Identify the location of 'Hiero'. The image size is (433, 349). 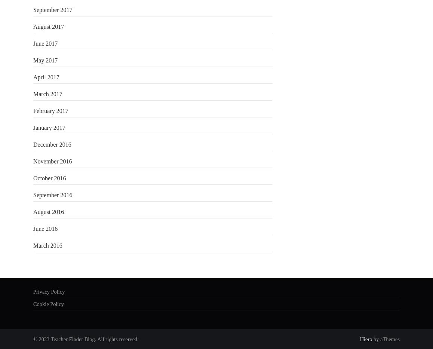
(365, 339).